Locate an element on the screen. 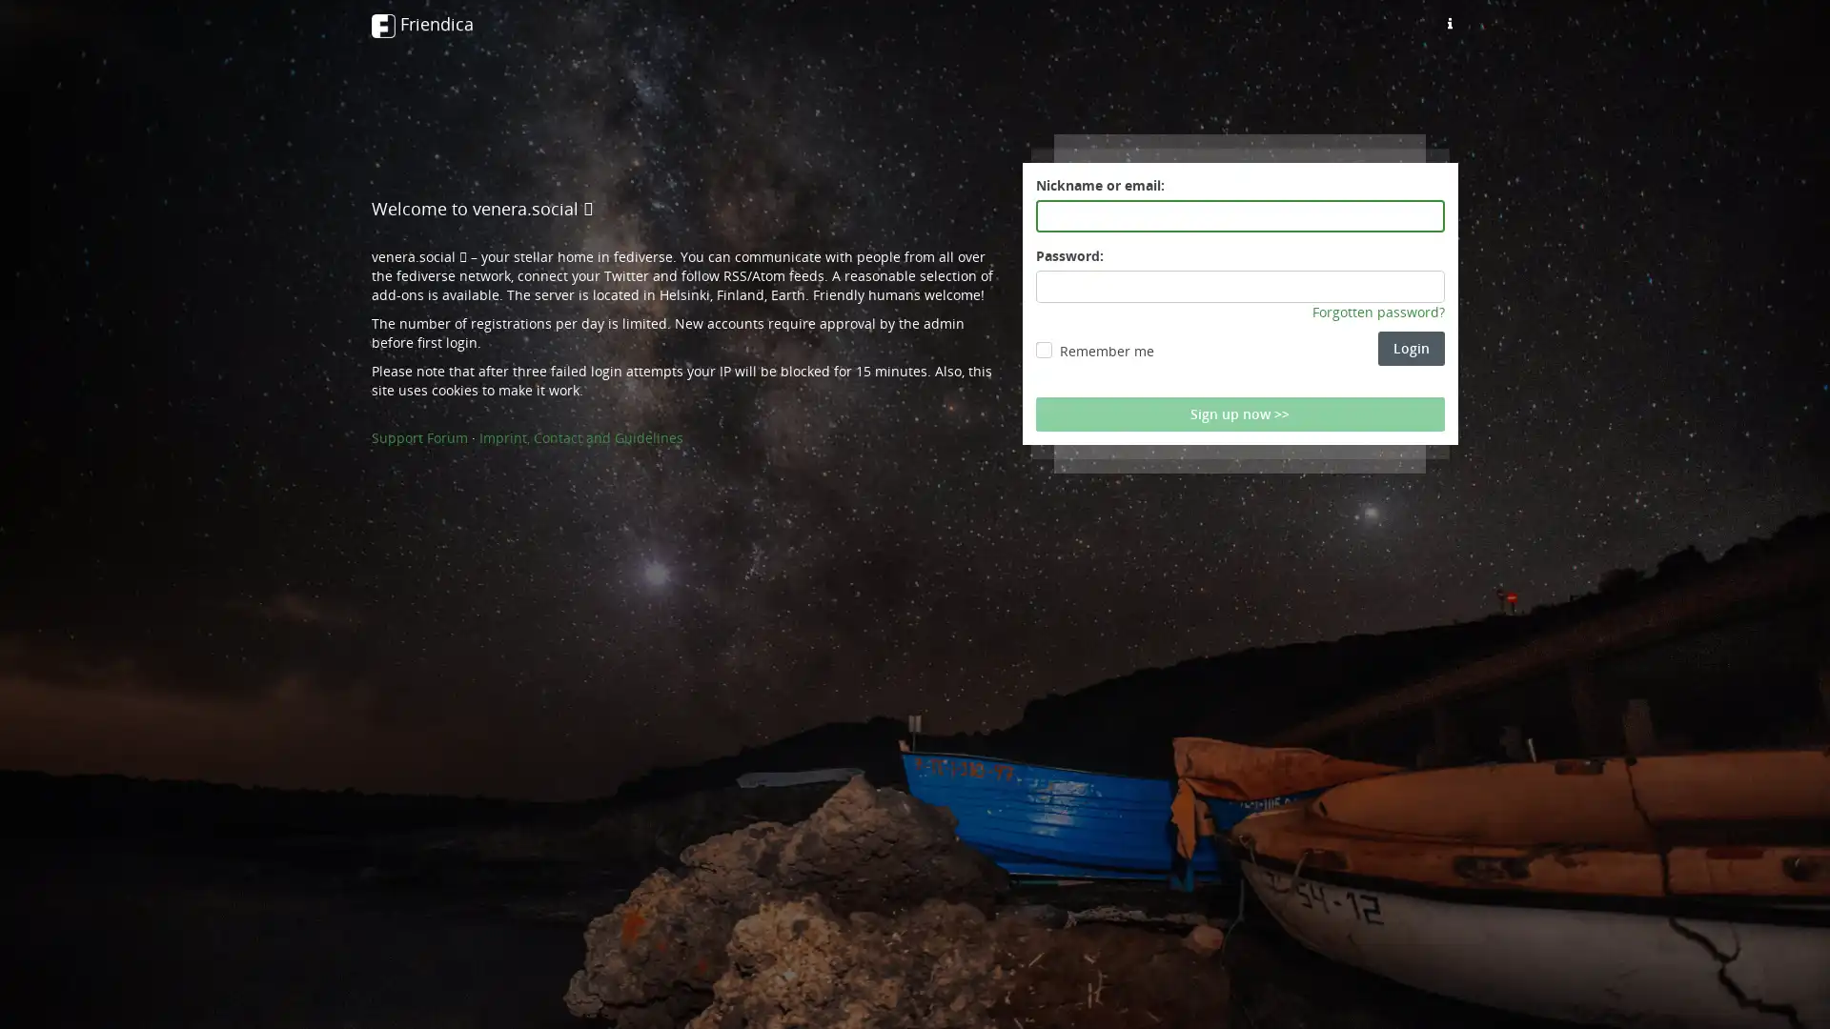 The width and height of the screenshot is (1830, 1029). Login is located at coordinates (1412, 349).